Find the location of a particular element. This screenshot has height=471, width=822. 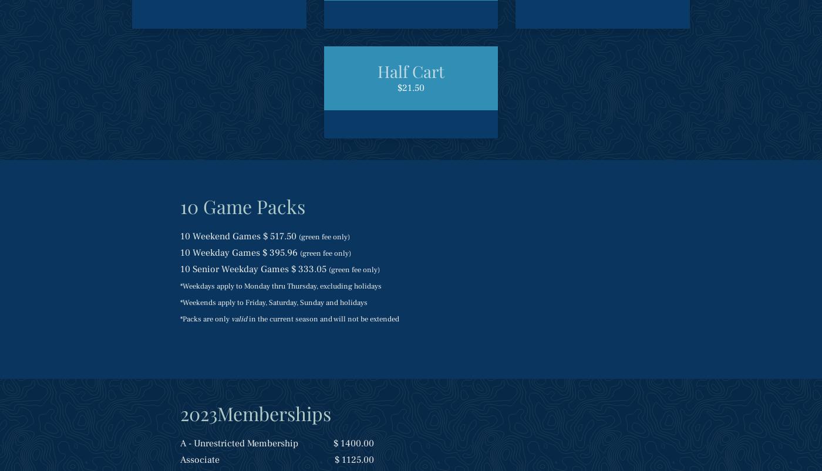

'10 Weekend Games $ 517.50' is located at coordinates (238, 236).